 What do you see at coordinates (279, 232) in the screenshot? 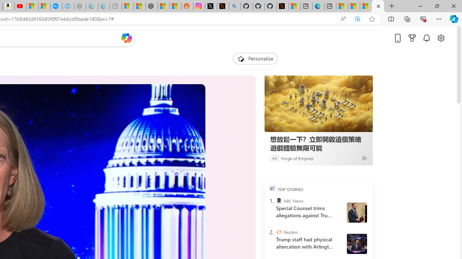
I see `'Reuters'` at bounding box center [279, 232].